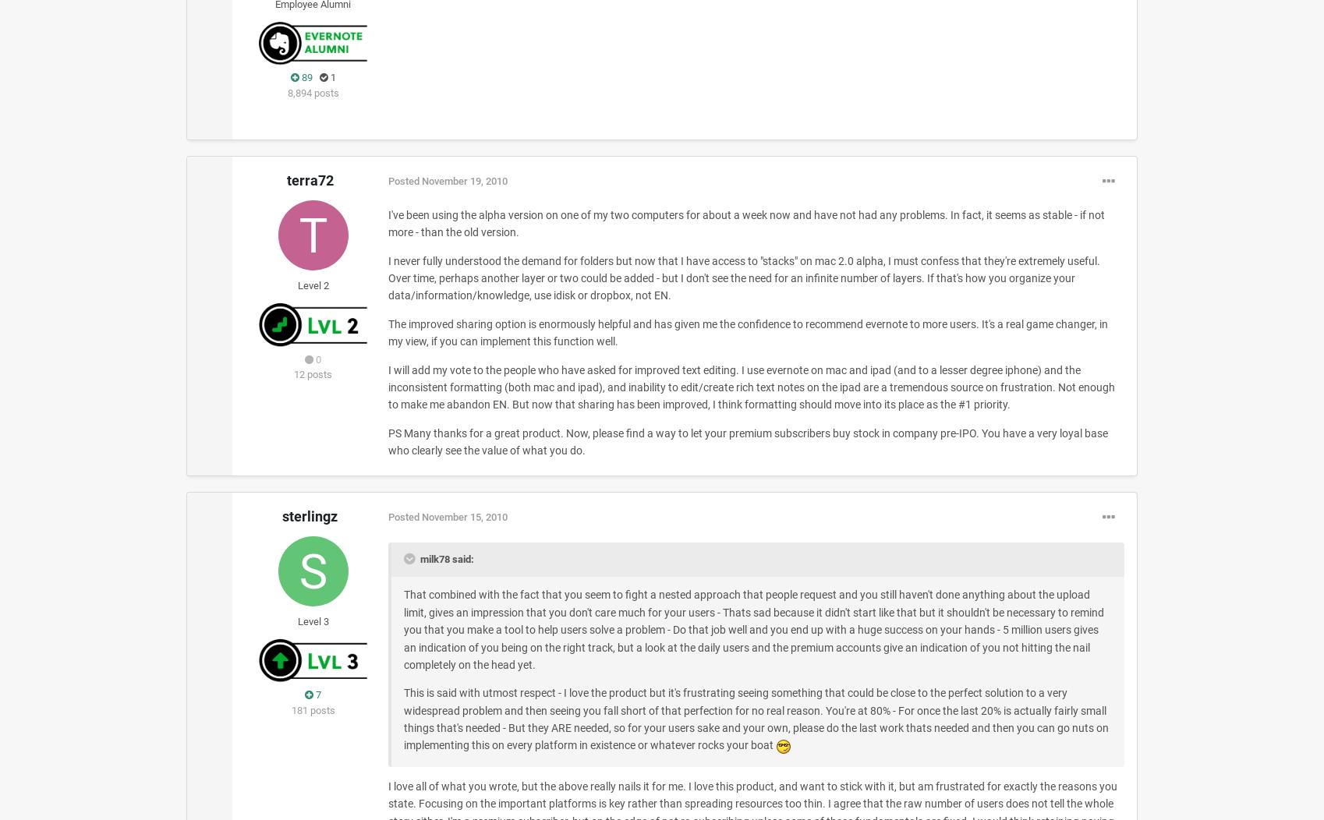 The height and width of the screenshot is (820, 1324). Describe the element at coordinates (742, 277) in the screenshot. I see `'I never fully understood the demand for folders but now that I have access to "stacks" on mac 2.0 alpha, I must confess that they're extremely useful. Over time, perhaps another layer or two could be added - but I don't see the need for an infinite number of layers. If that's how you organize your data/information/knowledge, use idisk or dropbox, not EN.'` at that location.